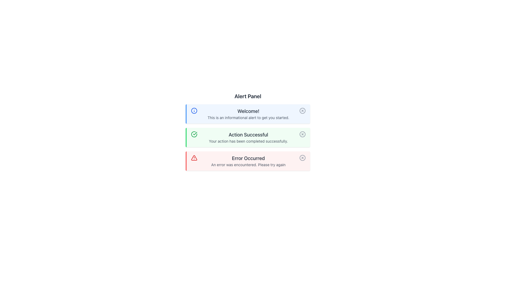  What do you see at coordinates (194, 158) in the screenshot?
I see `the alert represented by the triangular error icon located to the left of the 'Error Occurred' message box` at bounding box center [194, 158].